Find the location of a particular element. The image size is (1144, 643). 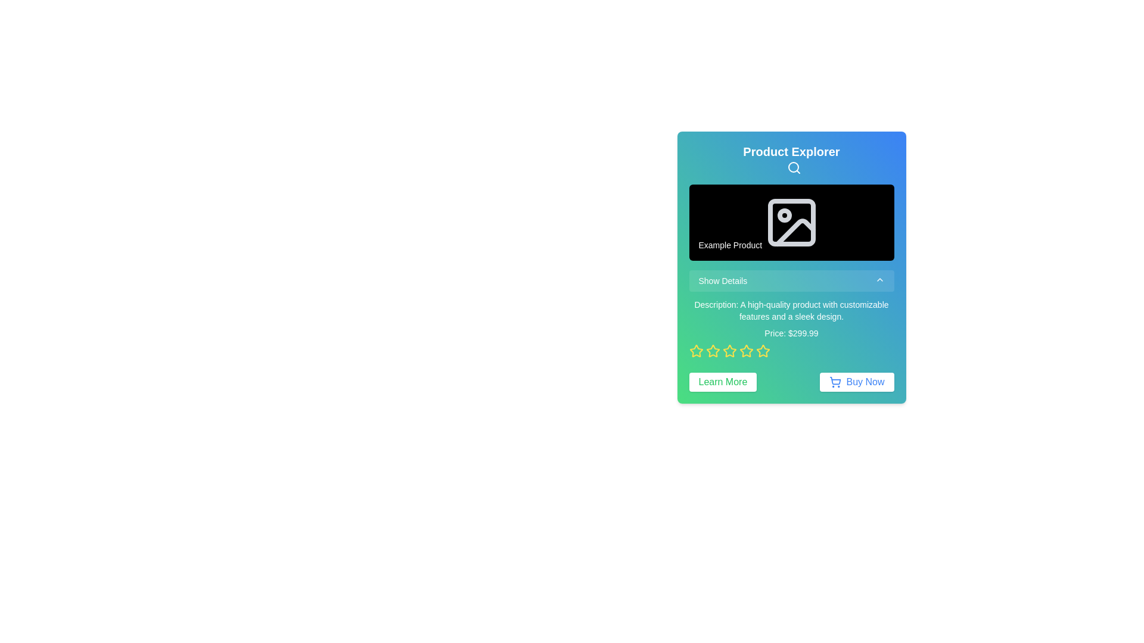

the middle star icon is located at coordinates (745, 350).